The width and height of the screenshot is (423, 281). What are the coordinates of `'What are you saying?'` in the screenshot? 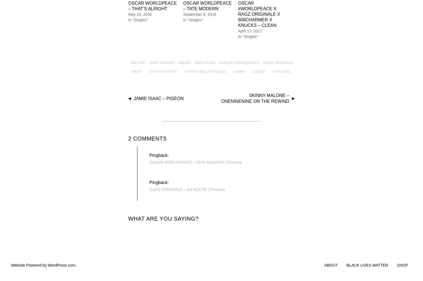 It's located at (163, 218).